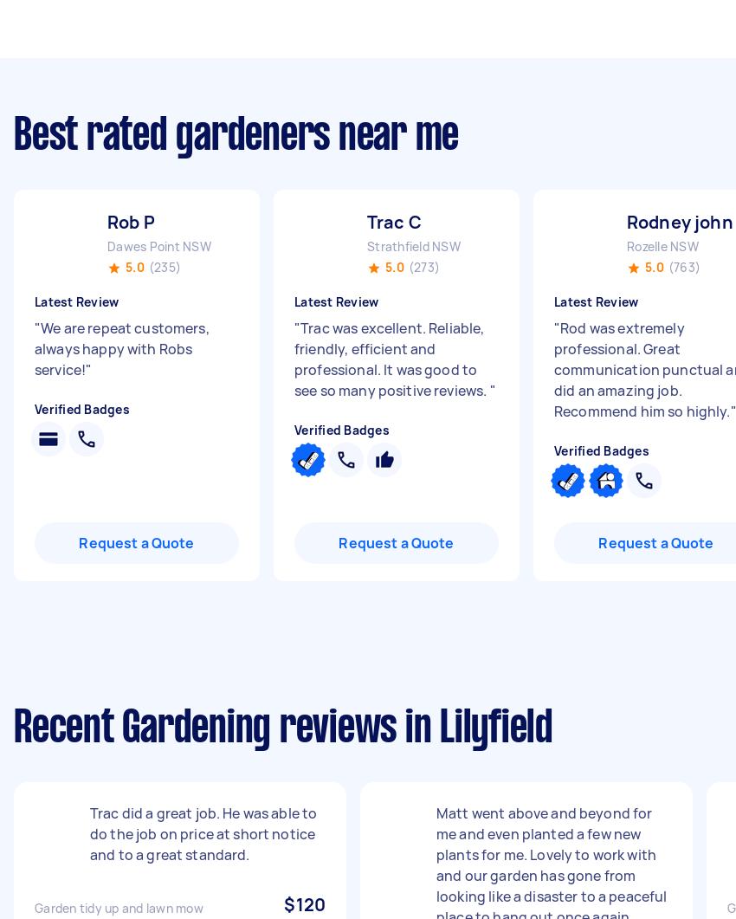 Image resolution: width=736 pixels, height=919 pixels. I want to click on 'Dawes Point NSW', so click(158, 244).